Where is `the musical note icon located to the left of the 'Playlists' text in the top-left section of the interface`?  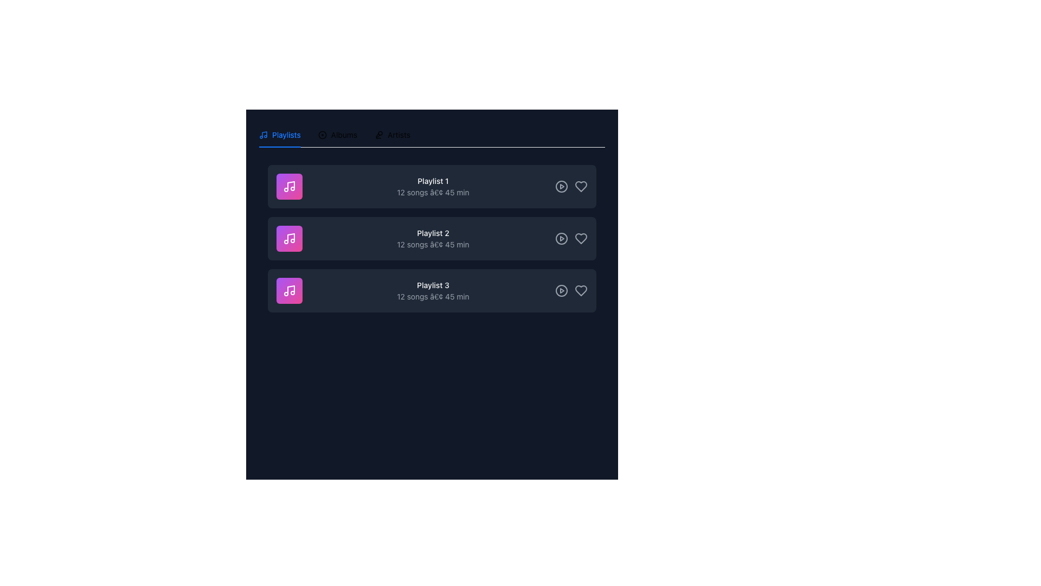
the musical note icon located to the left of the 'Playlists' text in the top-left section of the interface is located at coordinates (263, 135).